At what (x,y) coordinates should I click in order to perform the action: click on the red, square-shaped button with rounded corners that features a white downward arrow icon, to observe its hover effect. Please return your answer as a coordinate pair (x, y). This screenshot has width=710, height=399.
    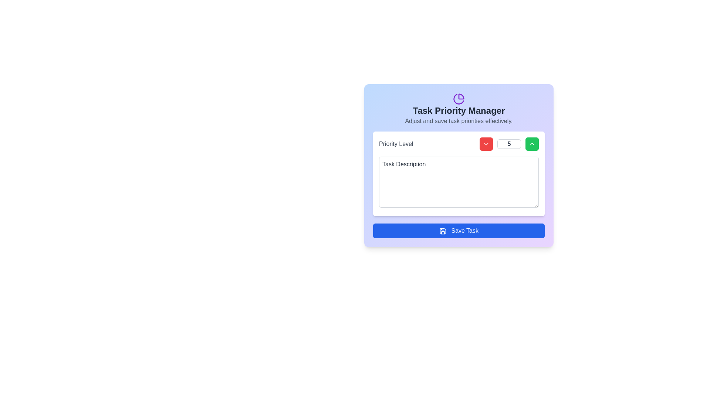
    Looking at the image, I should click on (486, 144).